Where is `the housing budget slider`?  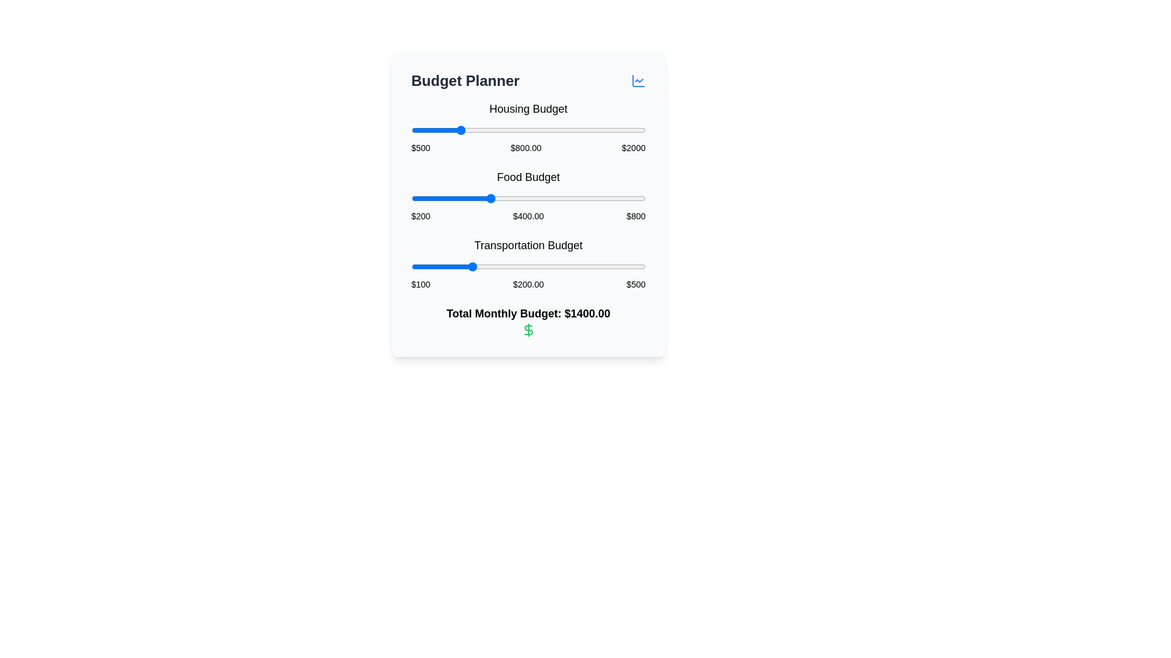 the housing budget slider is located at coordinates (593, 130).